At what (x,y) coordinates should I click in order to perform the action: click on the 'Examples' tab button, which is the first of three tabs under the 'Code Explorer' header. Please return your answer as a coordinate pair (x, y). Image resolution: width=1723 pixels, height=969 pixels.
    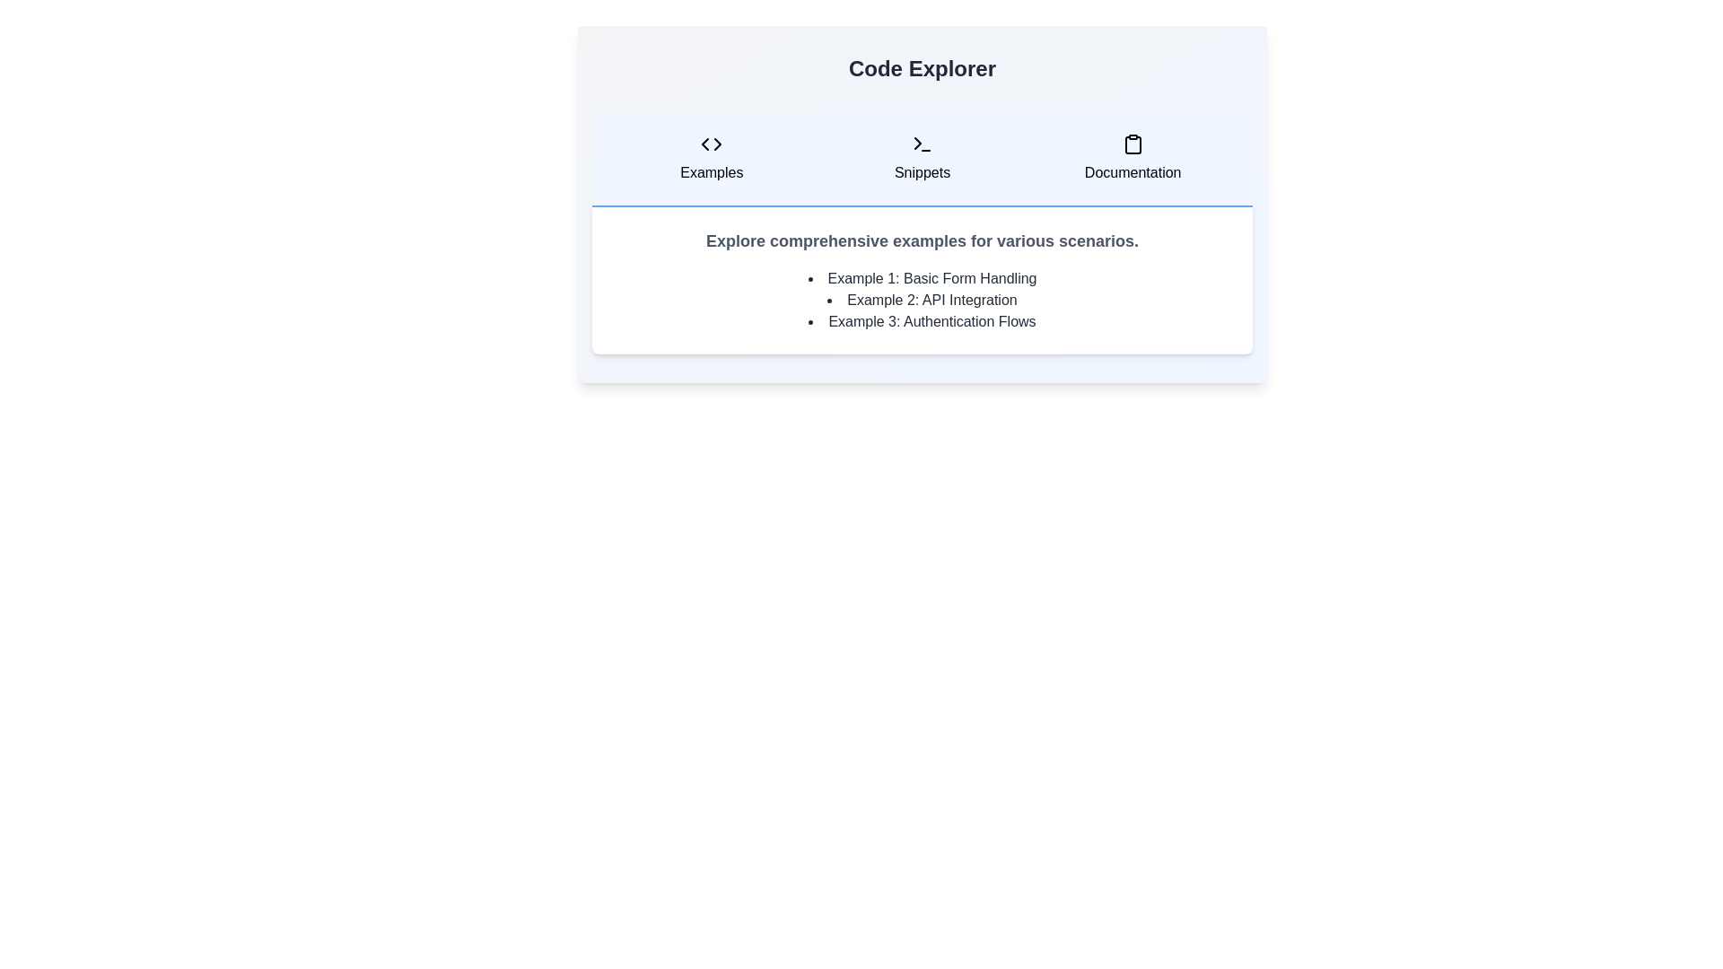
    Looking at the image, I should click on (711, 158).